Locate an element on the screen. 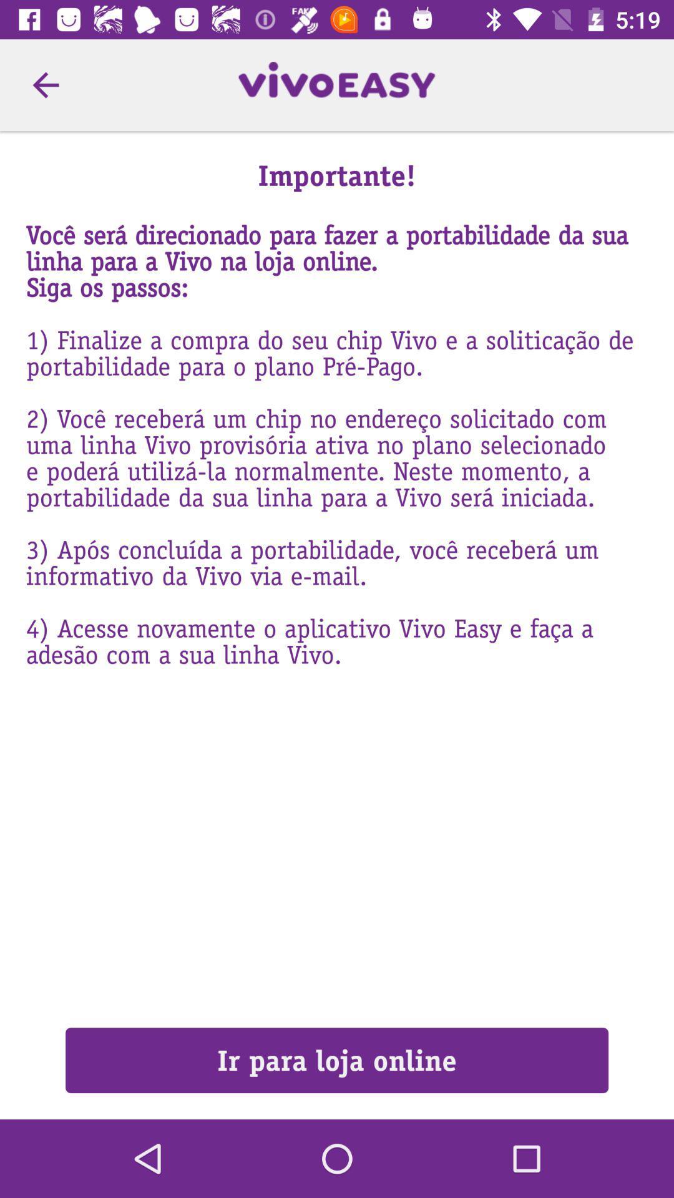 The image size is (674, 1198). item next to the importante! icon is located at coordinates (45, 84).